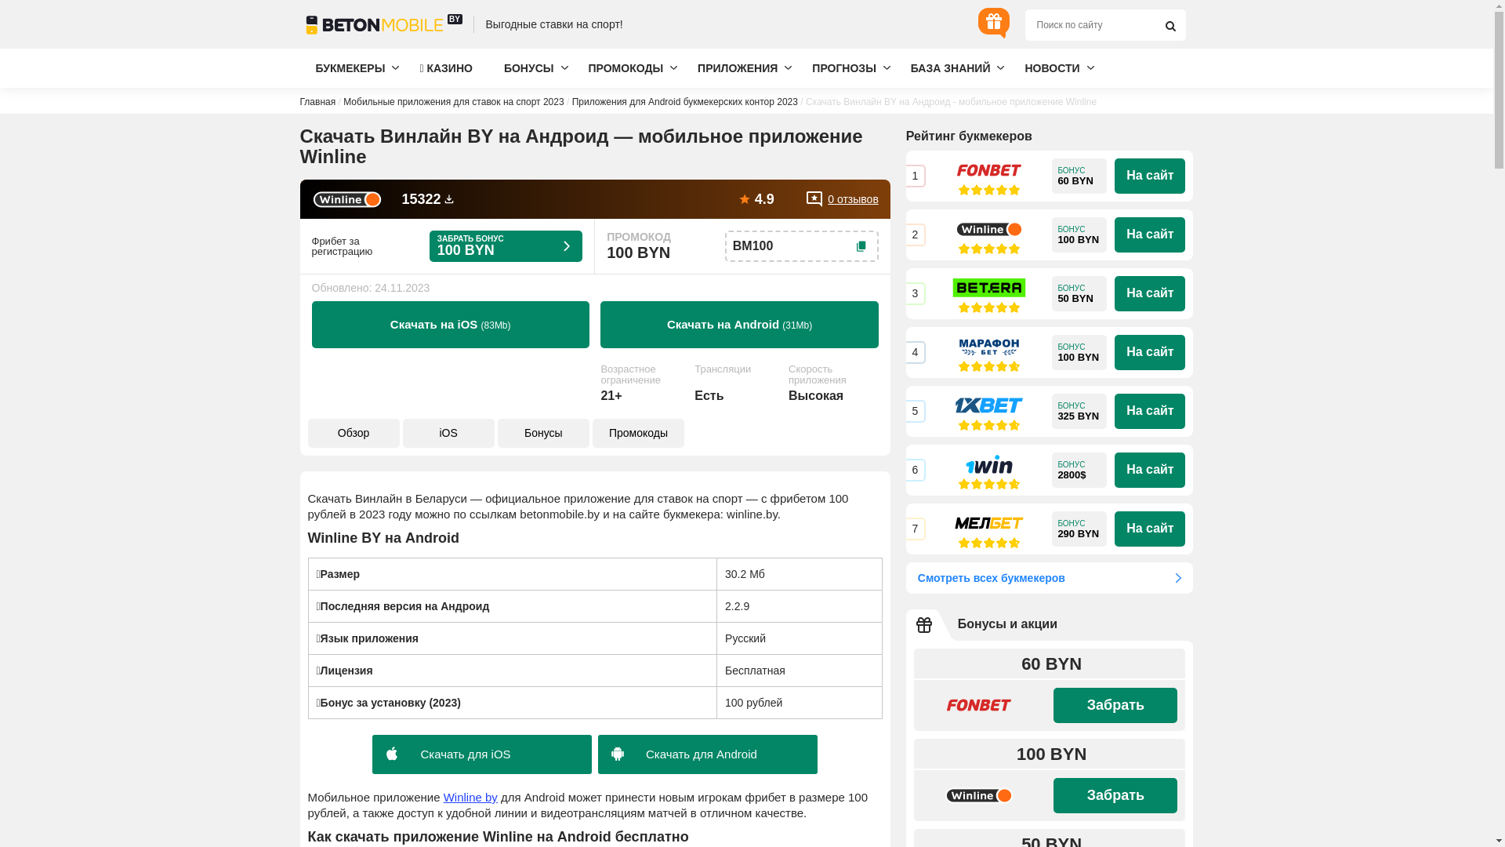 This screenshot has width=1505, height=847. Describe the element at coordinates (1079, 469) in the screenshot. I see `'2800$'` at that location.